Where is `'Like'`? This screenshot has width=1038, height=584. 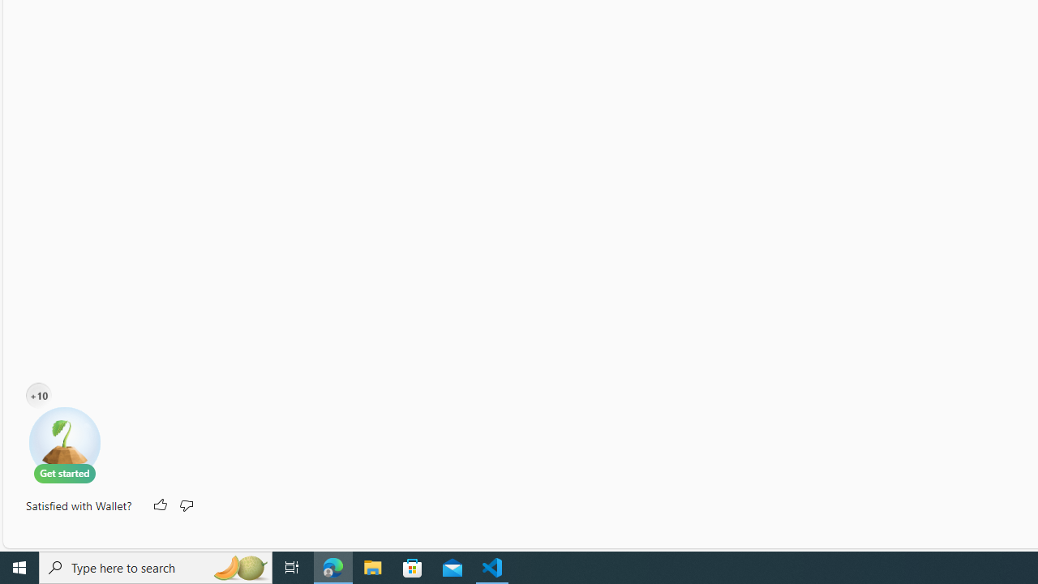
'Like' is located at coordinates (160, 505).